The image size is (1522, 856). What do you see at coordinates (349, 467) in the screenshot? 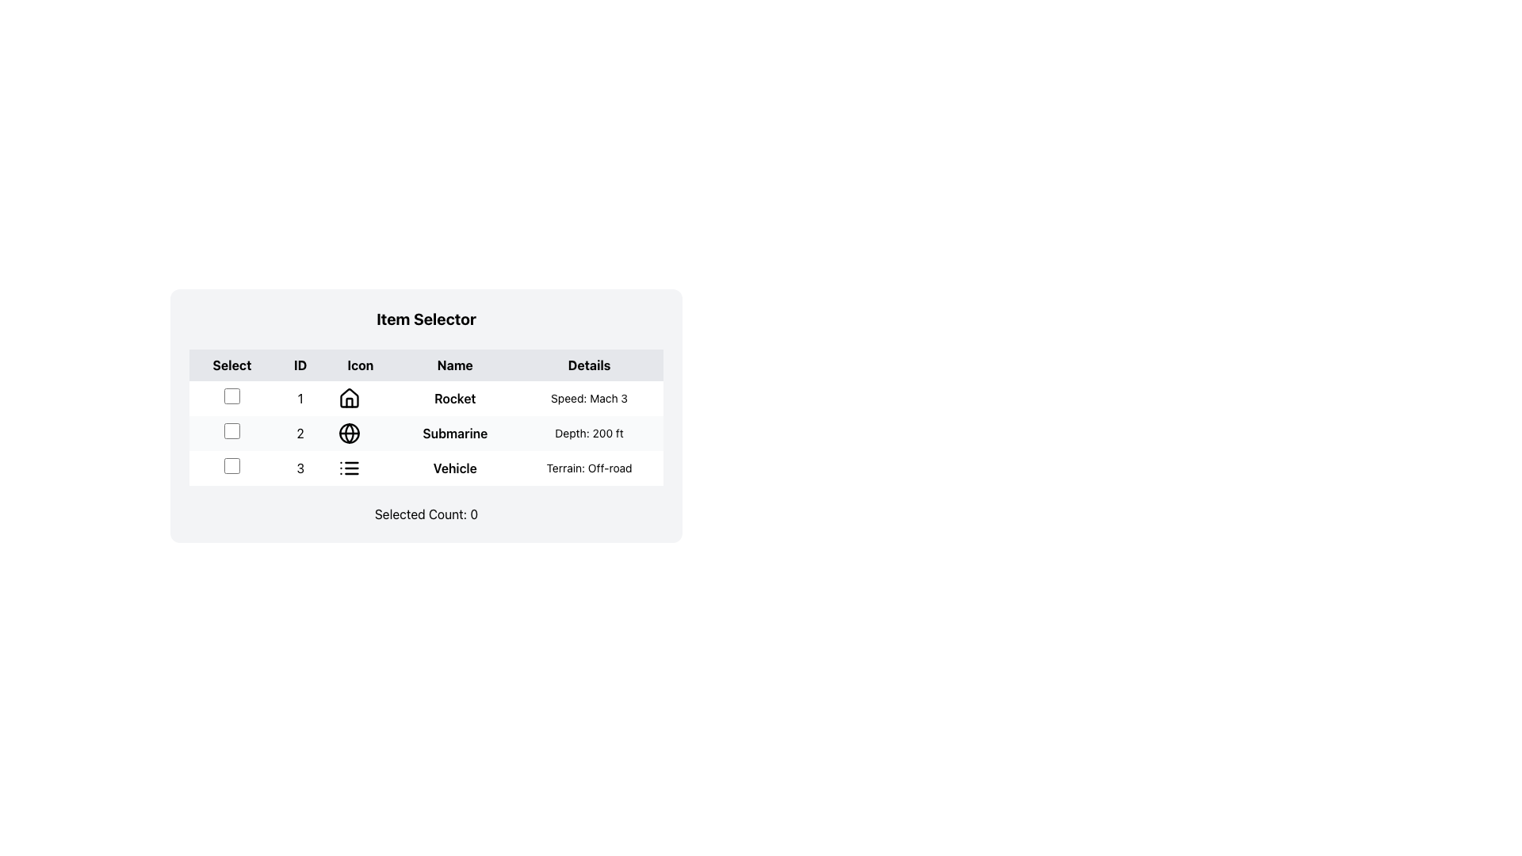
I see `the small three-line list icon located in the third row of the table under the 'Icon' column, directly to the left of the text 'Vehicle'` at bounding box center [349, 467].